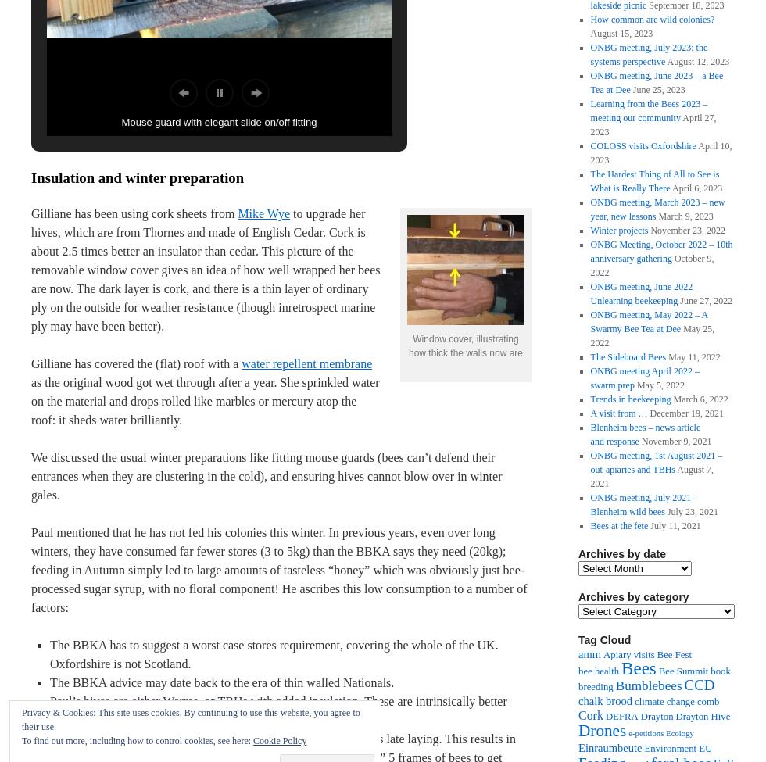  What do you see at coordinates (134, 213) in the screenshot?
I see `'Gilliane has been using cork sheets from'` at bounding box center [134, 213].